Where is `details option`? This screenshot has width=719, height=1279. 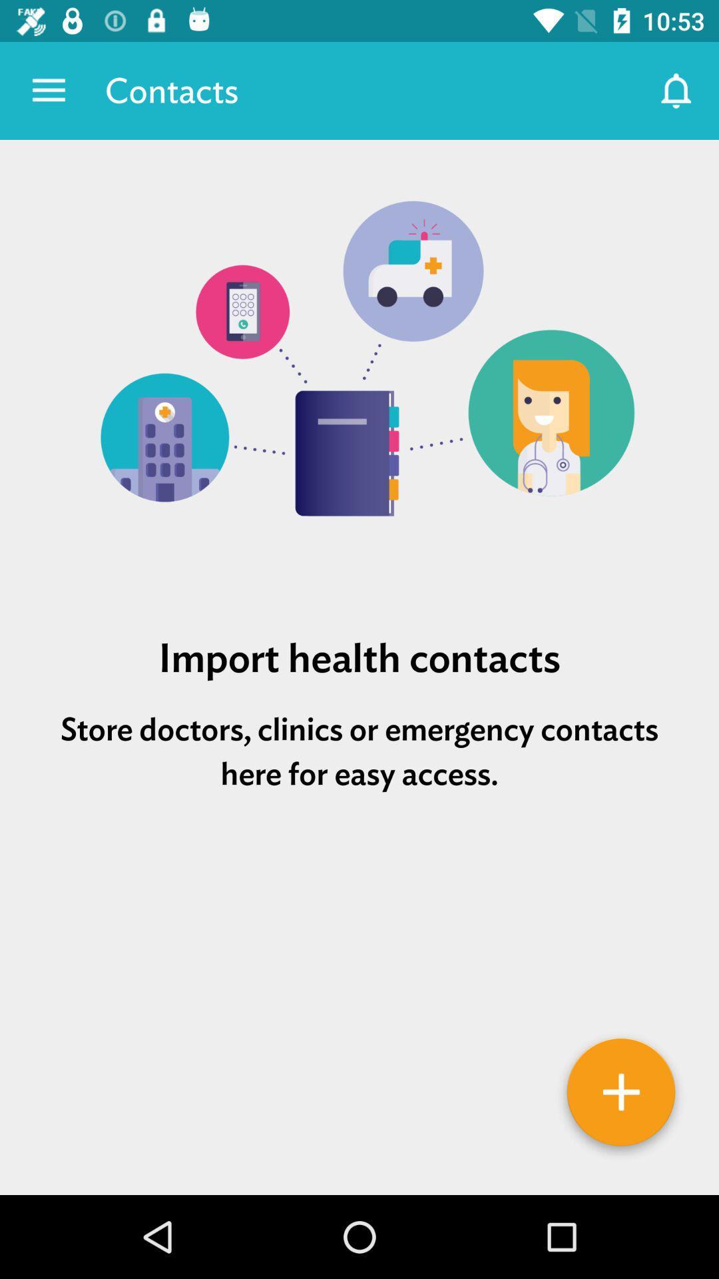
details option is located at coordinates (621, 1096).